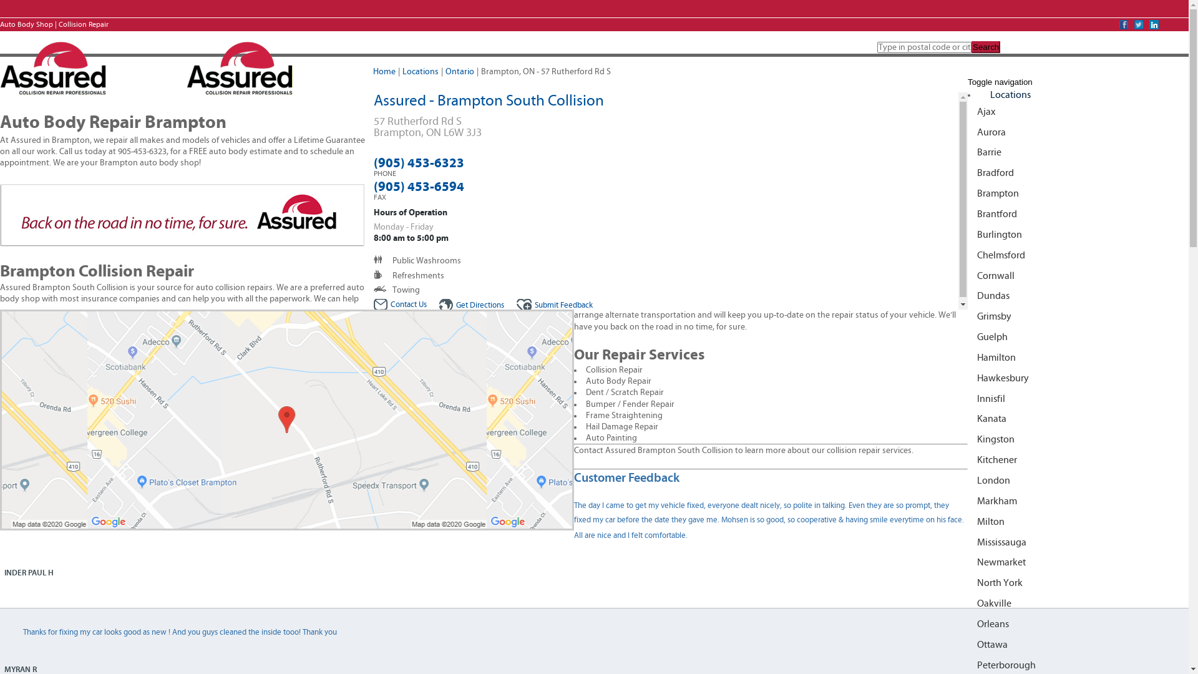 The height and width of the screenshot is (674, 1198). What do you see at coordinates (418, 162) in the screenshot?
I see `'(905) 453-6323'` at bounding box center [418, 162].